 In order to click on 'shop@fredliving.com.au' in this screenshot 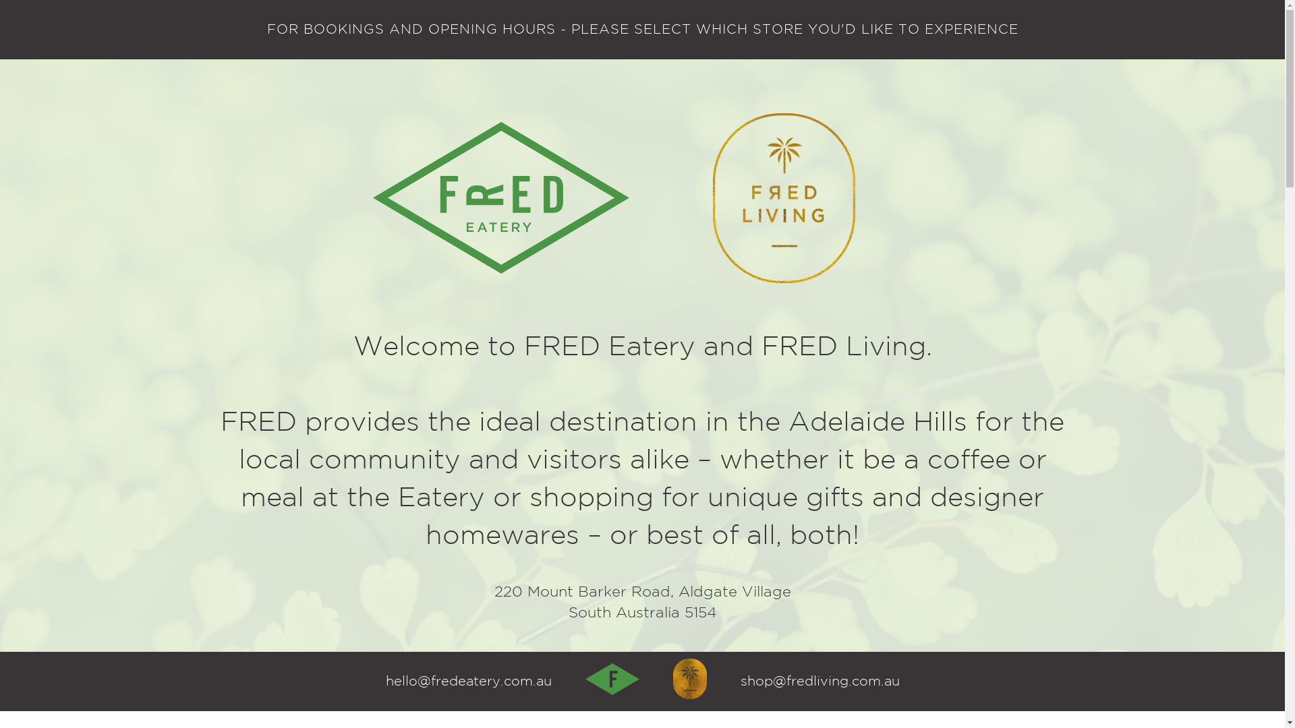, I will do `click(819, 681)`.